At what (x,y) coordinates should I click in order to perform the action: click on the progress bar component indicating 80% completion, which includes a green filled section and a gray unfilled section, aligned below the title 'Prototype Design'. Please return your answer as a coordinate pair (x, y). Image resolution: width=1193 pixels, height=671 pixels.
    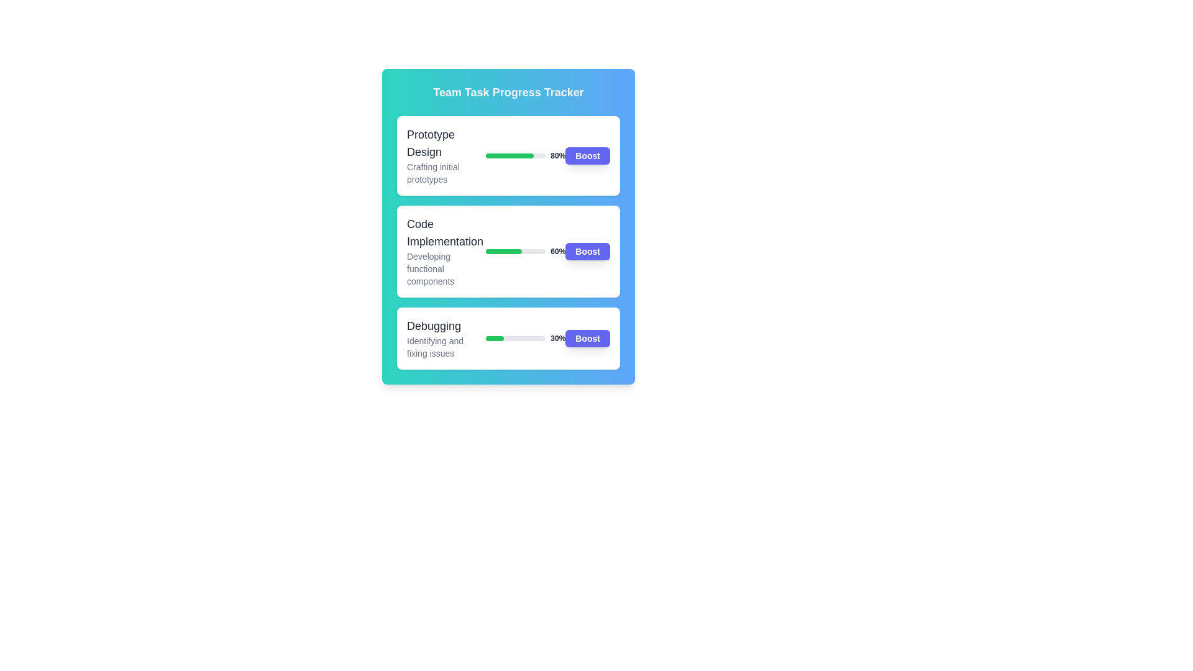
    Looking at the image, I should click on (526, 155).